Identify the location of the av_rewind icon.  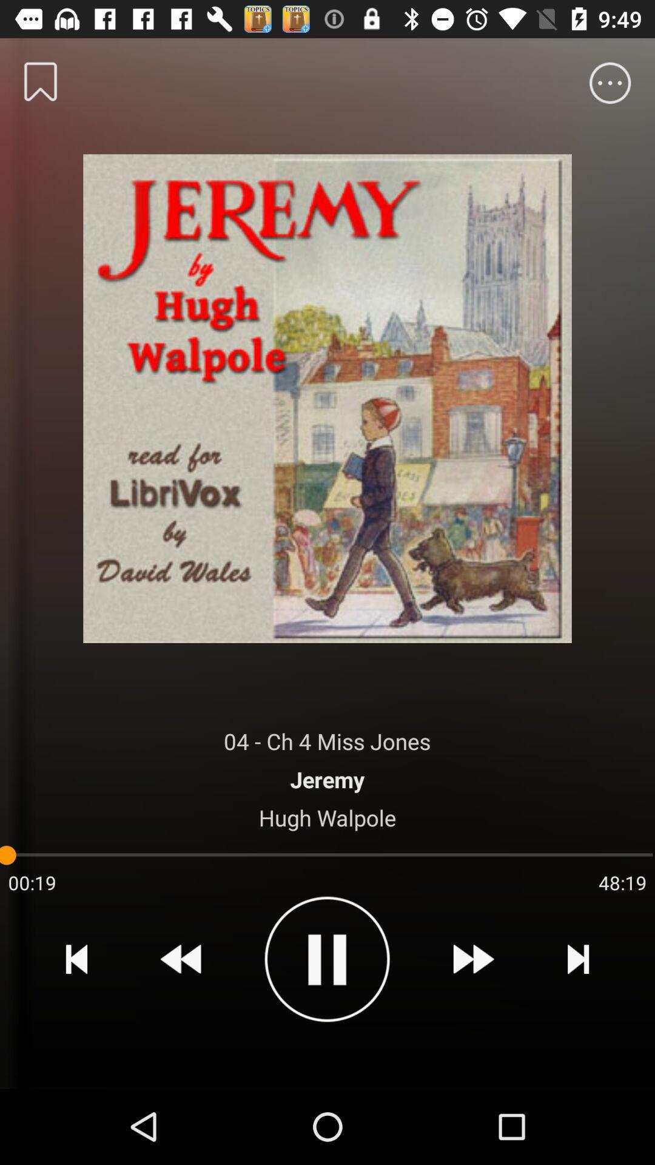
(181, 958).